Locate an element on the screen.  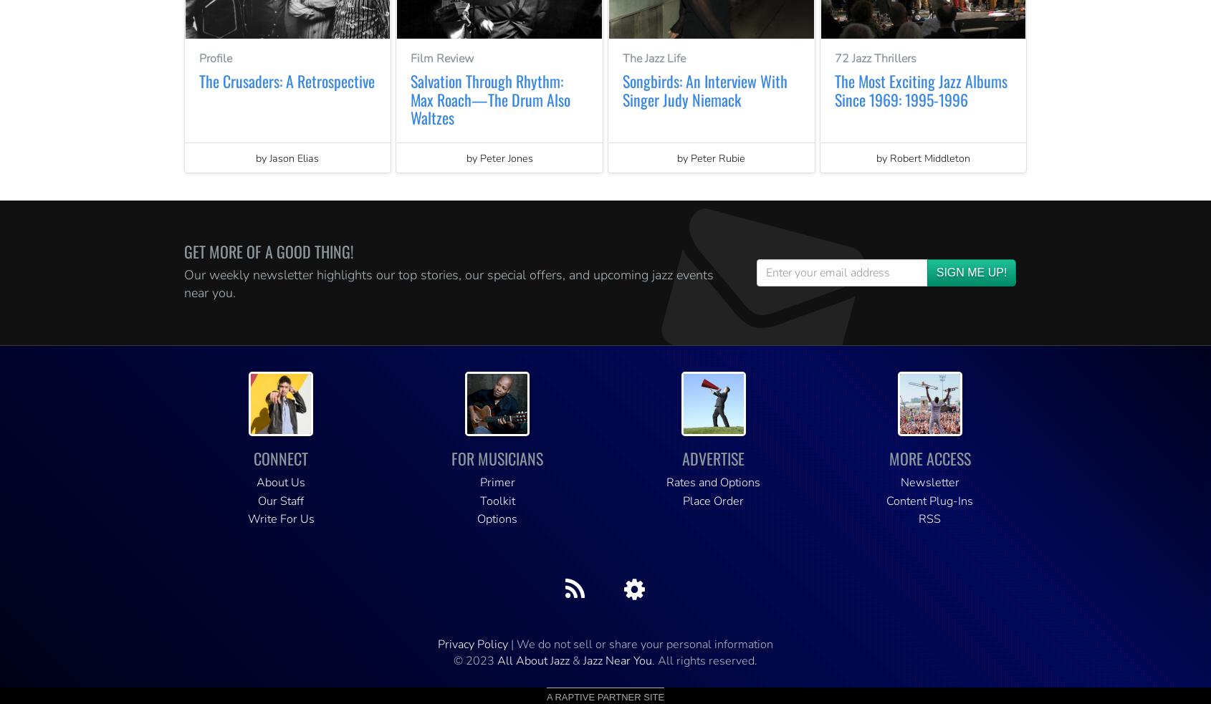
'About Us' is located at coordinates (255, 482).